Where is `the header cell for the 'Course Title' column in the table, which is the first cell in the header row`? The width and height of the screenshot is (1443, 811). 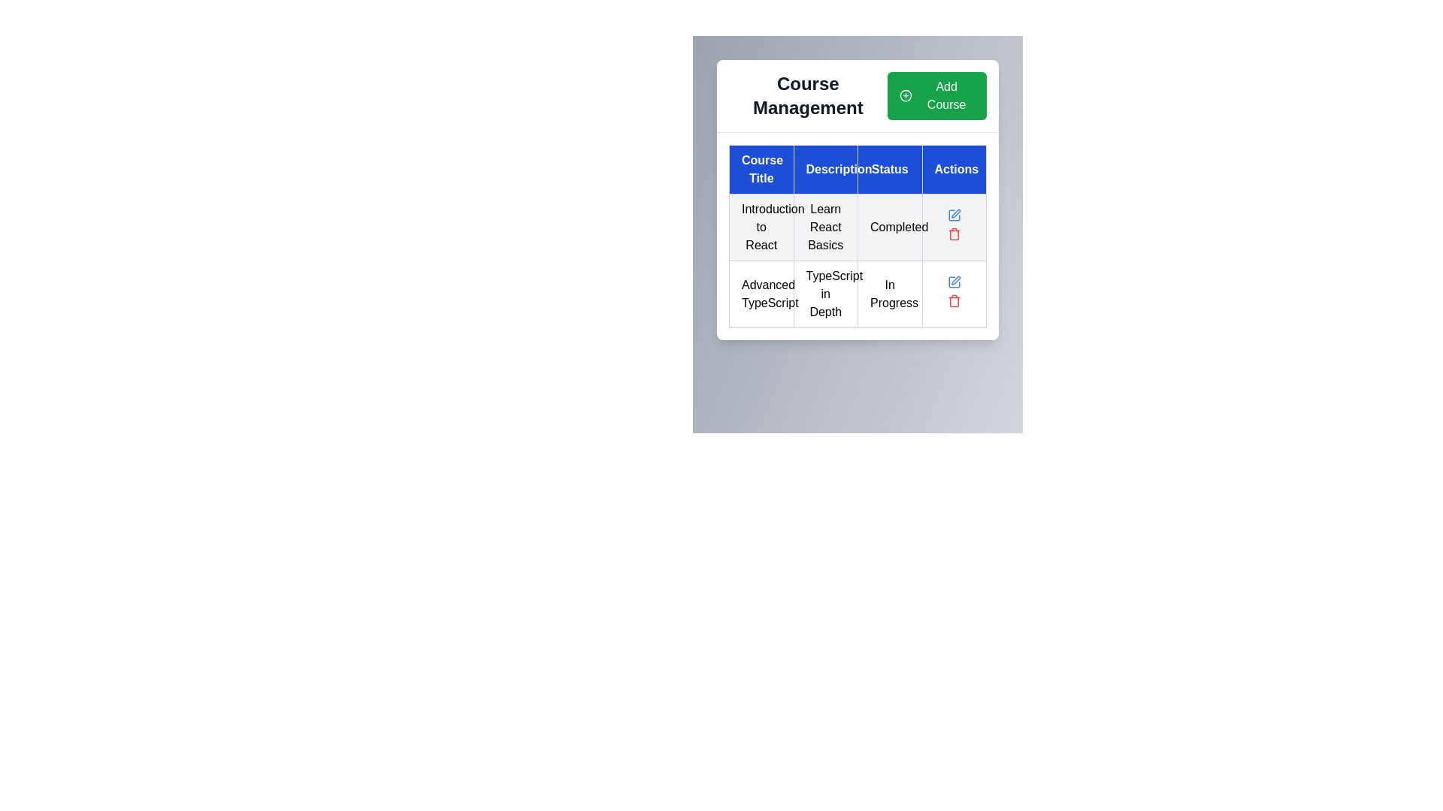 the header cell for the 'Course Title' column in the table, which is the first cell in the header row is located at coordinates (761, 169).